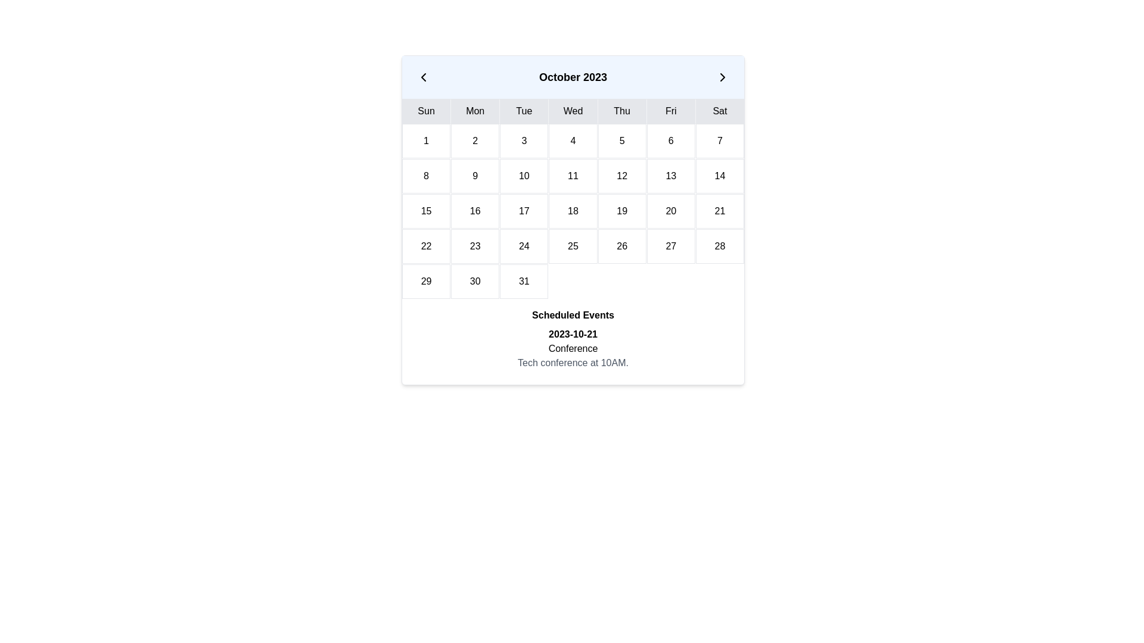  What do you see at coordinates (426, 140) in the screenshot?
I see `the static text element displaying the numeral '1' in the first cell of the first row of the calendar grid, under the column labeled 'Sun'` at bounding box center [426, 140].